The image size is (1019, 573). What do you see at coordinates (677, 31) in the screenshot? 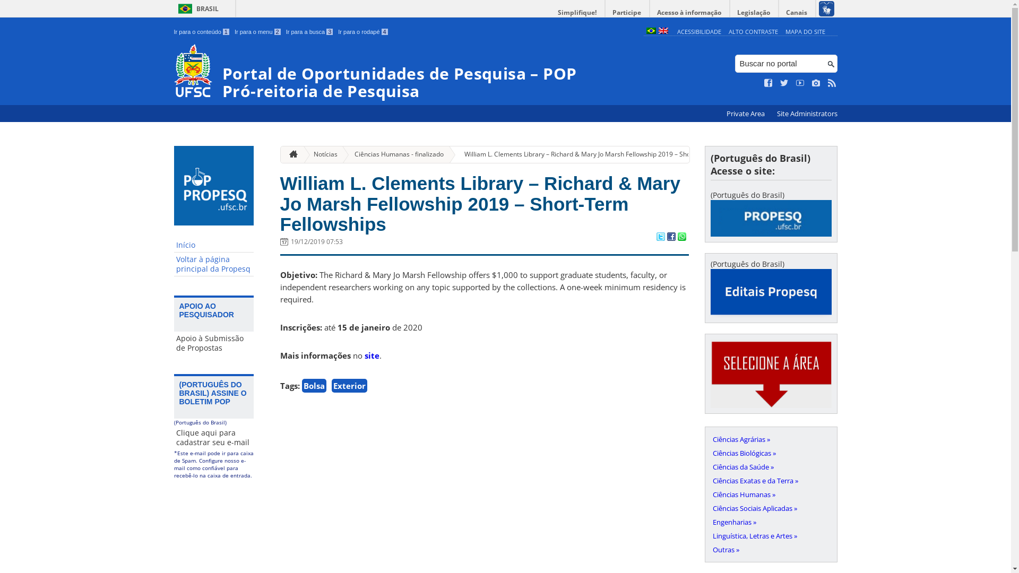
I see `'ACESSIBILIDADE'` at bounding box center [677, 31].